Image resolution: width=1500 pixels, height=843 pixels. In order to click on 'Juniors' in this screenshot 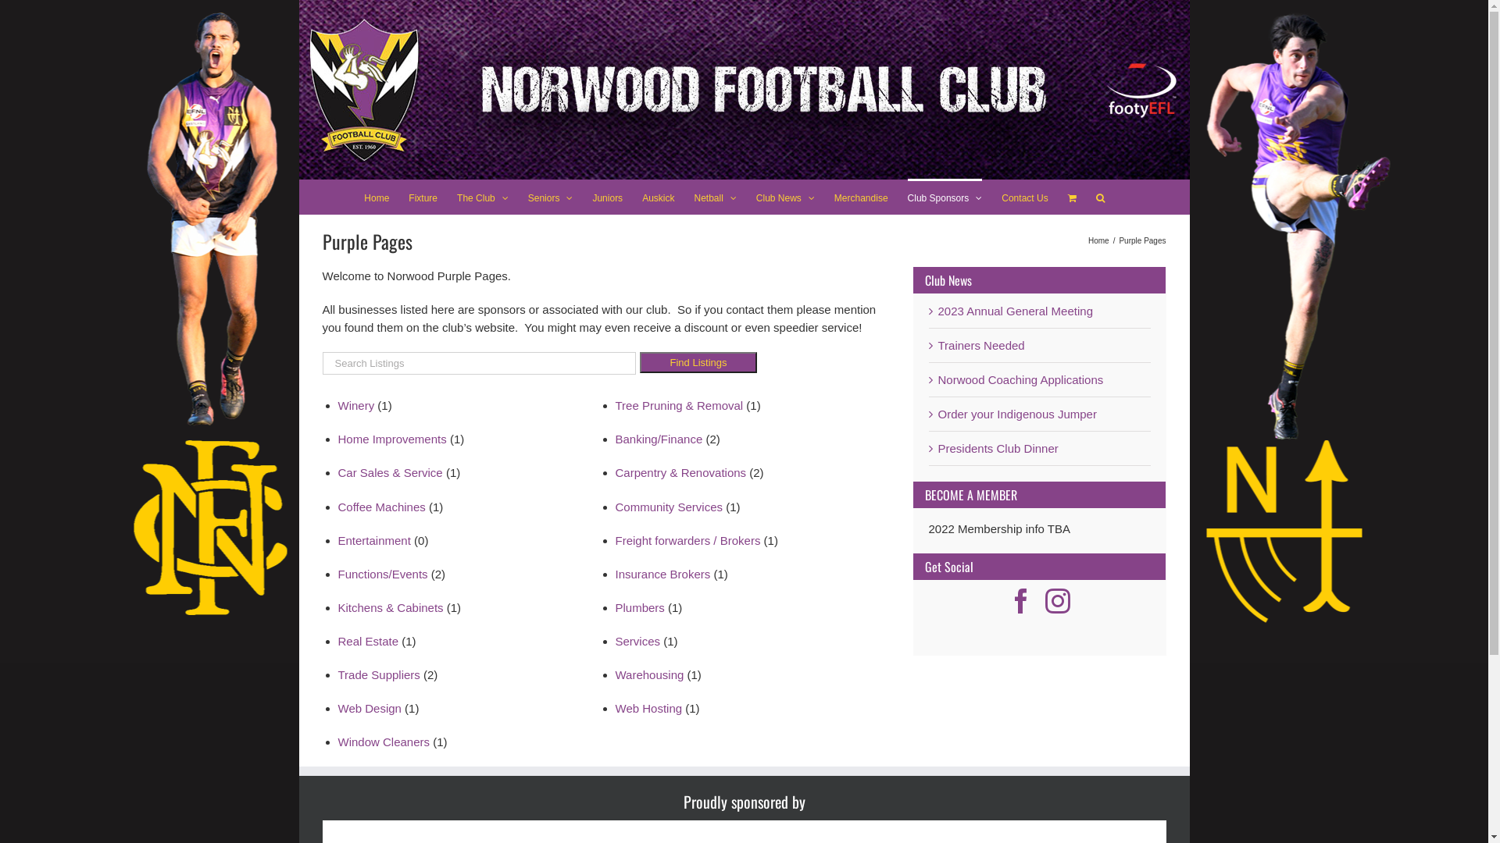, I will do `click(606, 195)`.